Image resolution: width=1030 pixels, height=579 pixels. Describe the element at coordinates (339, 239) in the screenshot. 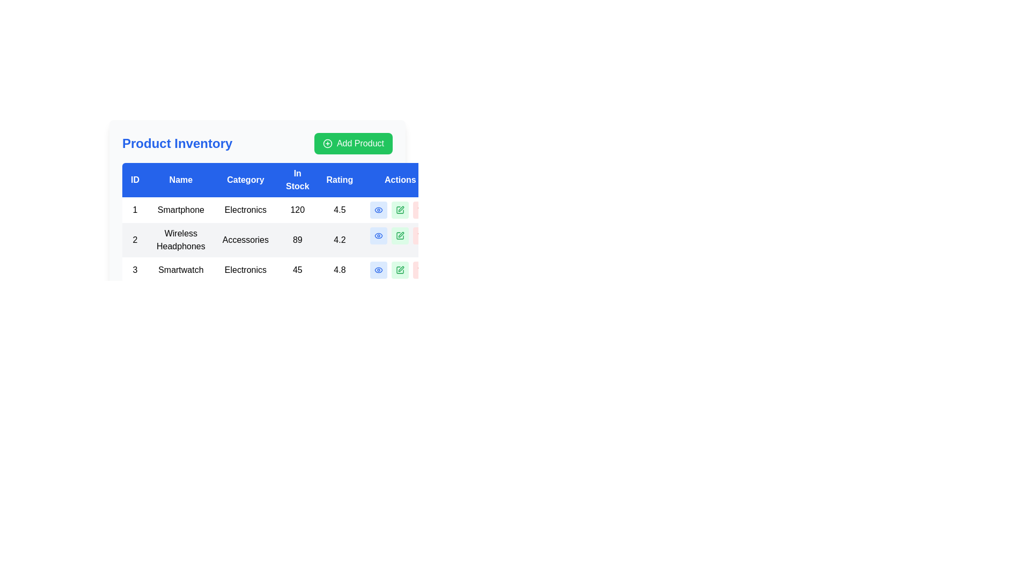

I see `the numeric value '4.2' text label in the fifth column of the second row of the table, which represents ratings` at that location.